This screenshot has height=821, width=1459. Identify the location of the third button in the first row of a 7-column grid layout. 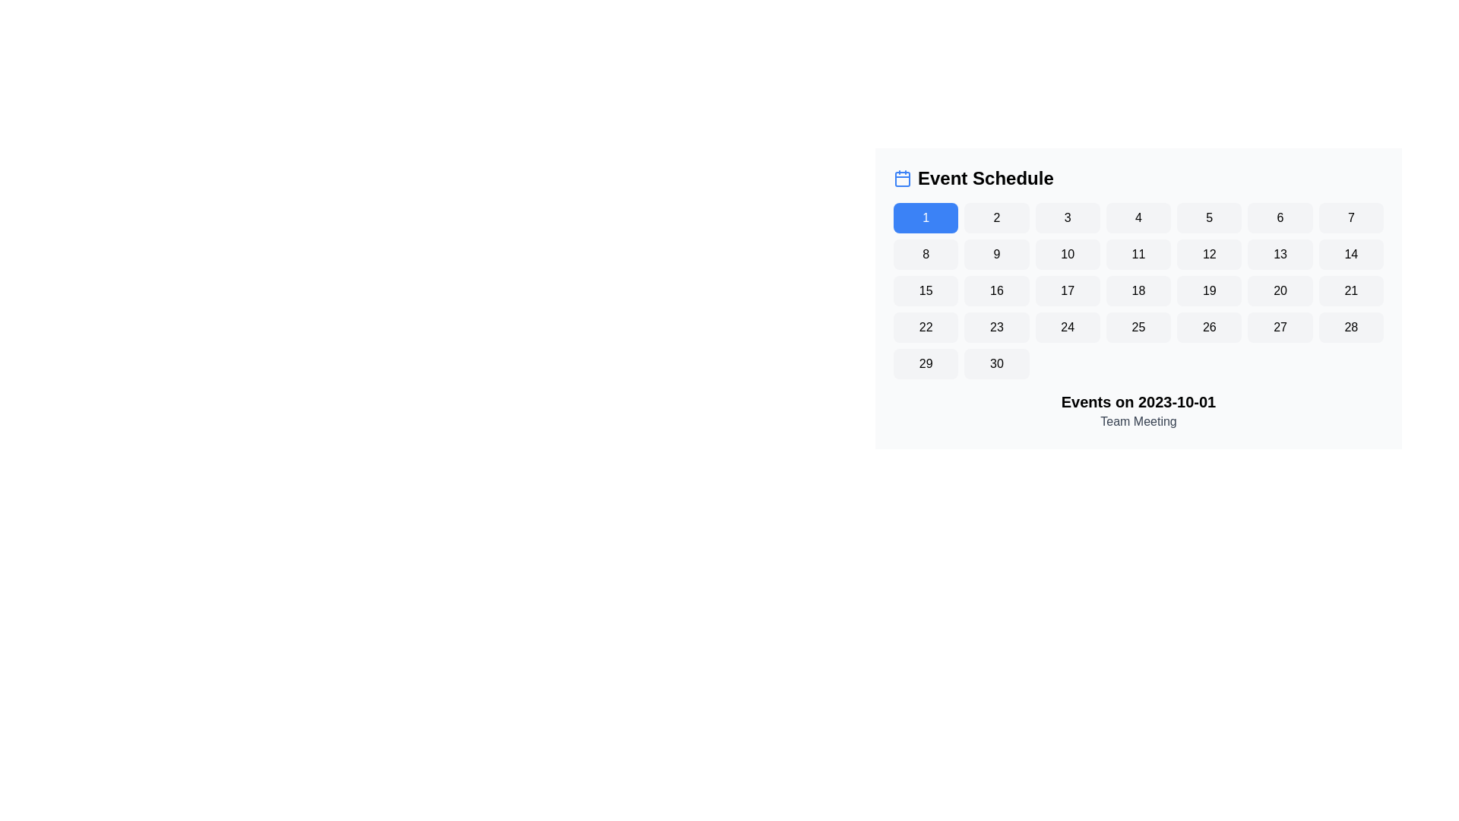
(1067, 217).